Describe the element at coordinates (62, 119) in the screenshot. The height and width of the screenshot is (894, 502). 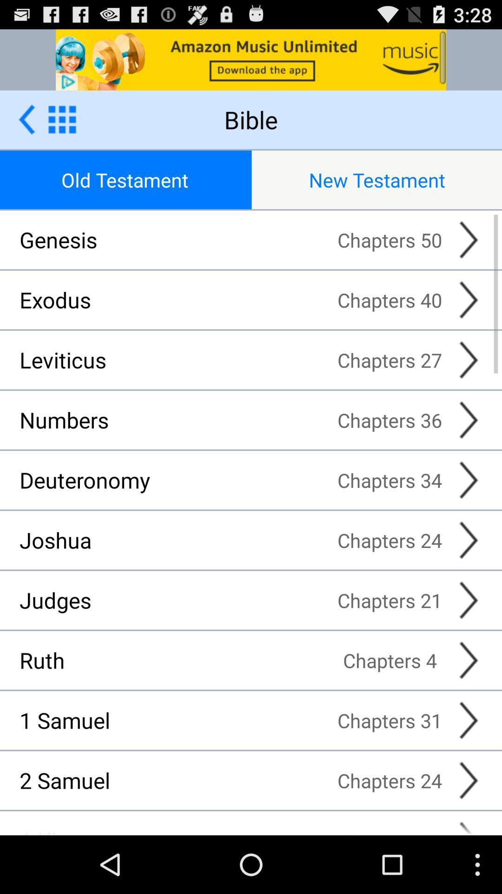
I see `more option` at that location.